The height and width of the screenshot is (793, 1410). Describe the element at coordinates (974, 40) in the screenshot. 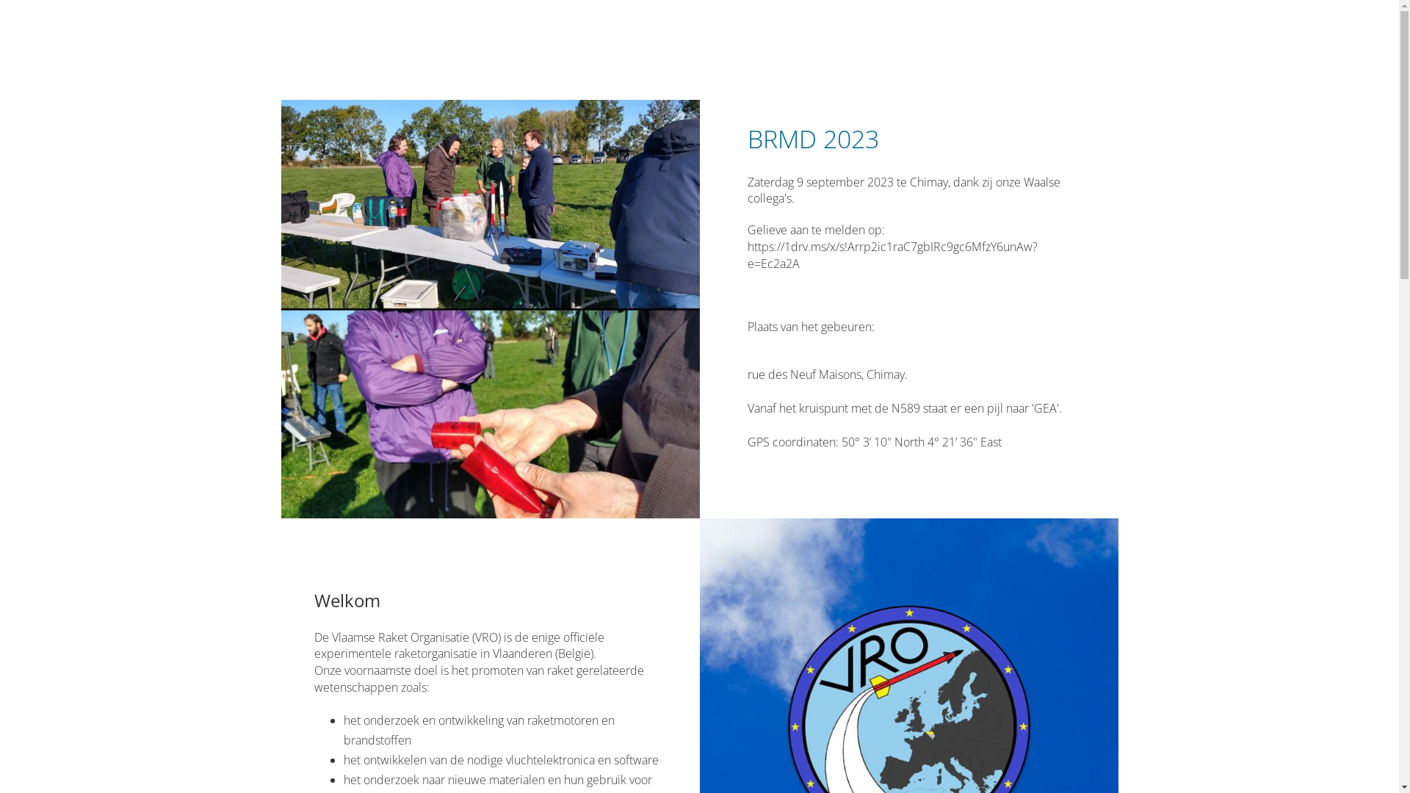

I see `'eShop'` at that location.